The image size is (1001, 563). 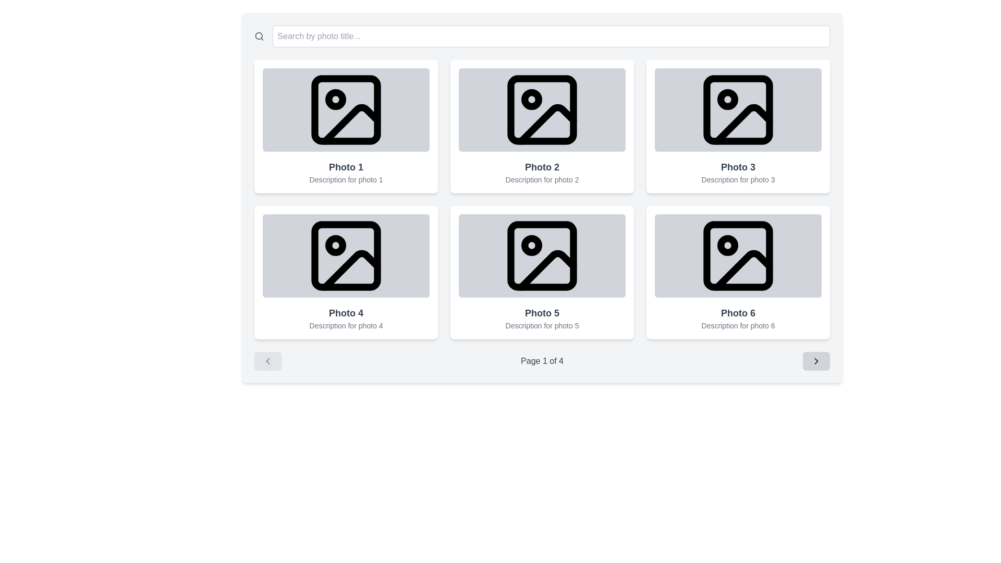 What do you see at coordinates (542, 255) in the screenshot?
I see `the graphical rectangle within the photo card labeled 'Photo 5', which is located in the middle of the photo grid on the second row, second column` at bounding box center [542, 255].